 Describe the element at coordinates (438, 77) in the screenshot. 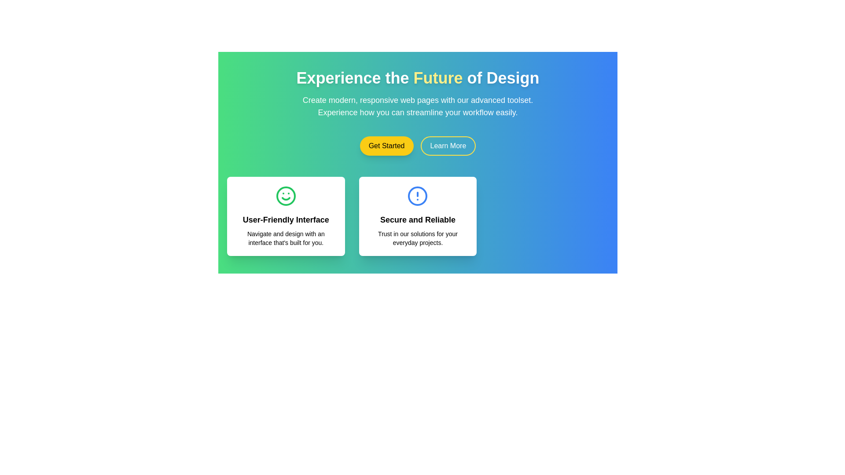

I see `emphasized text element 'Future' within the main heading 'Experience the Future of Design'` at that location.